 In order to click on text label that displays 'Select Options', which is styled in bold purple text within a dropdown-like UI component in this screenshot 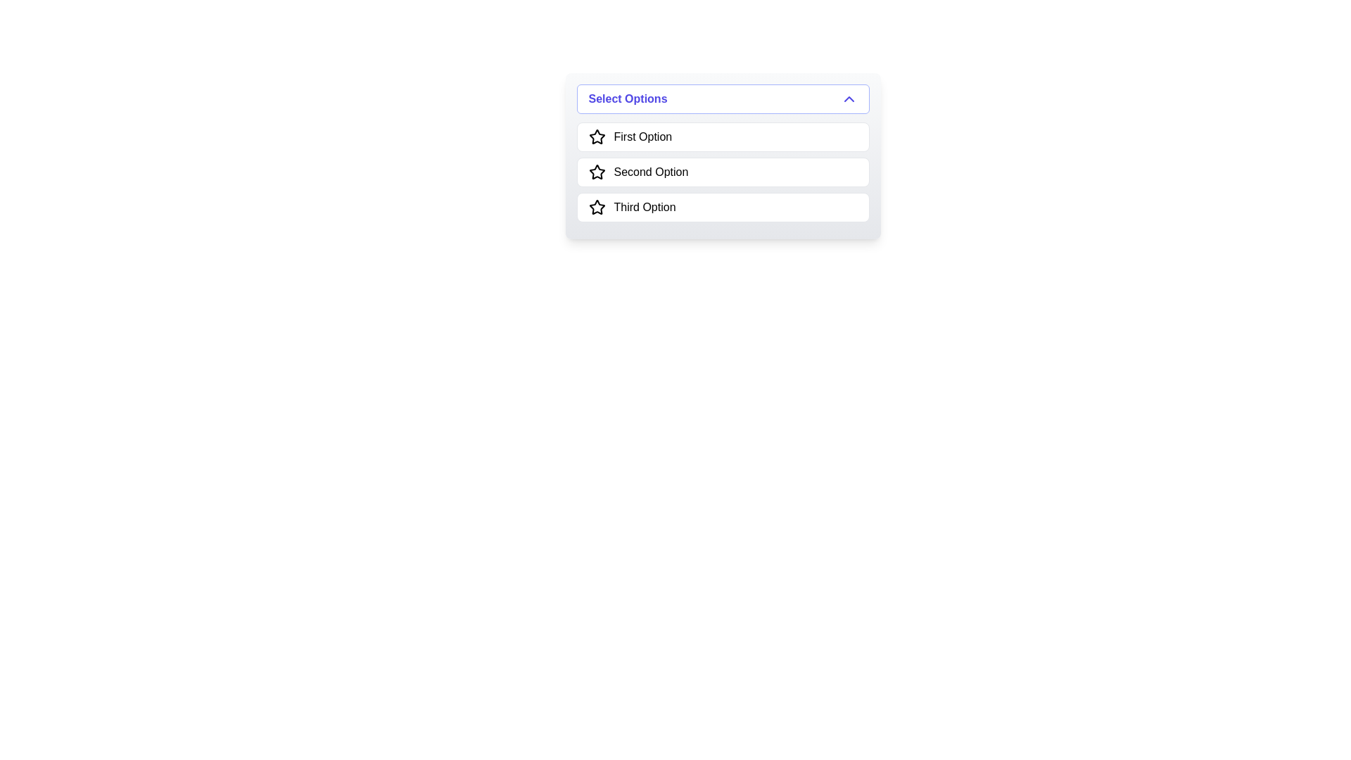, I will do `click(627, 99)`.